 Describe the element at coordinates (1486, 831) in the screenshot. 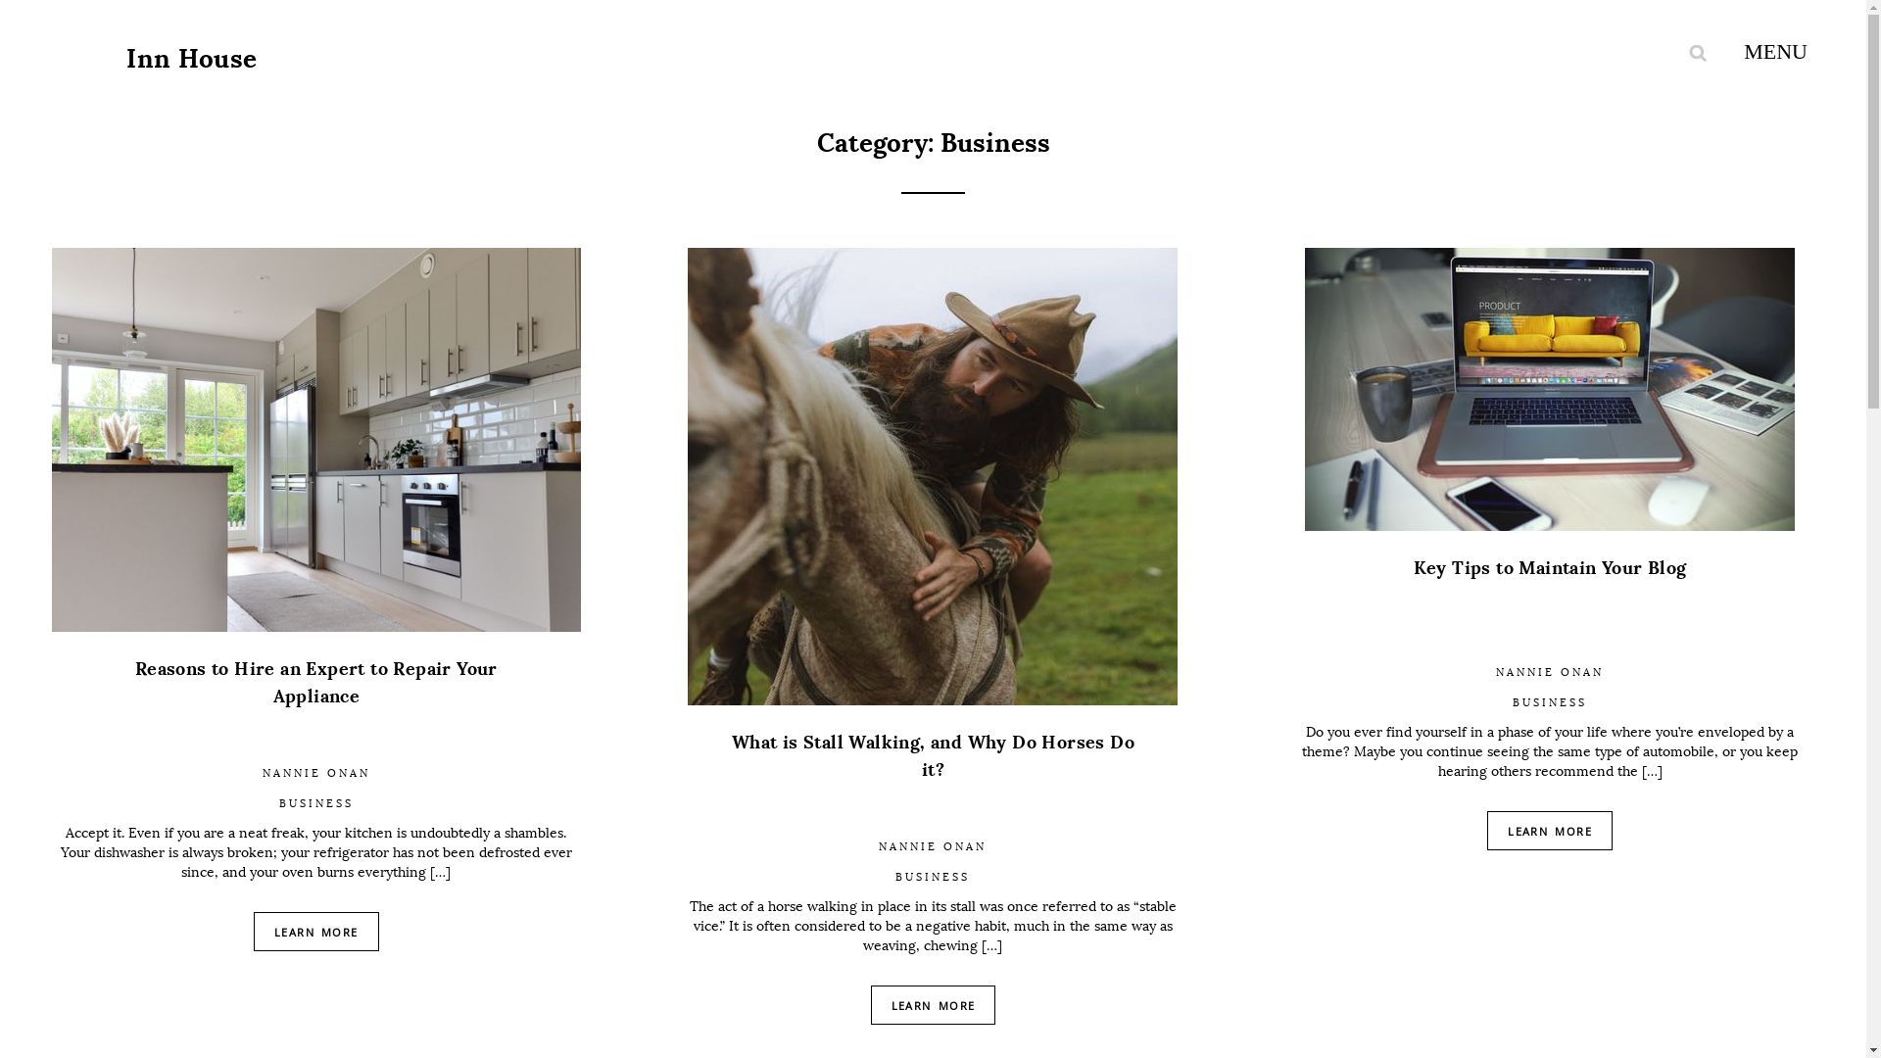

I see `'LEARN MORE'` at that location.